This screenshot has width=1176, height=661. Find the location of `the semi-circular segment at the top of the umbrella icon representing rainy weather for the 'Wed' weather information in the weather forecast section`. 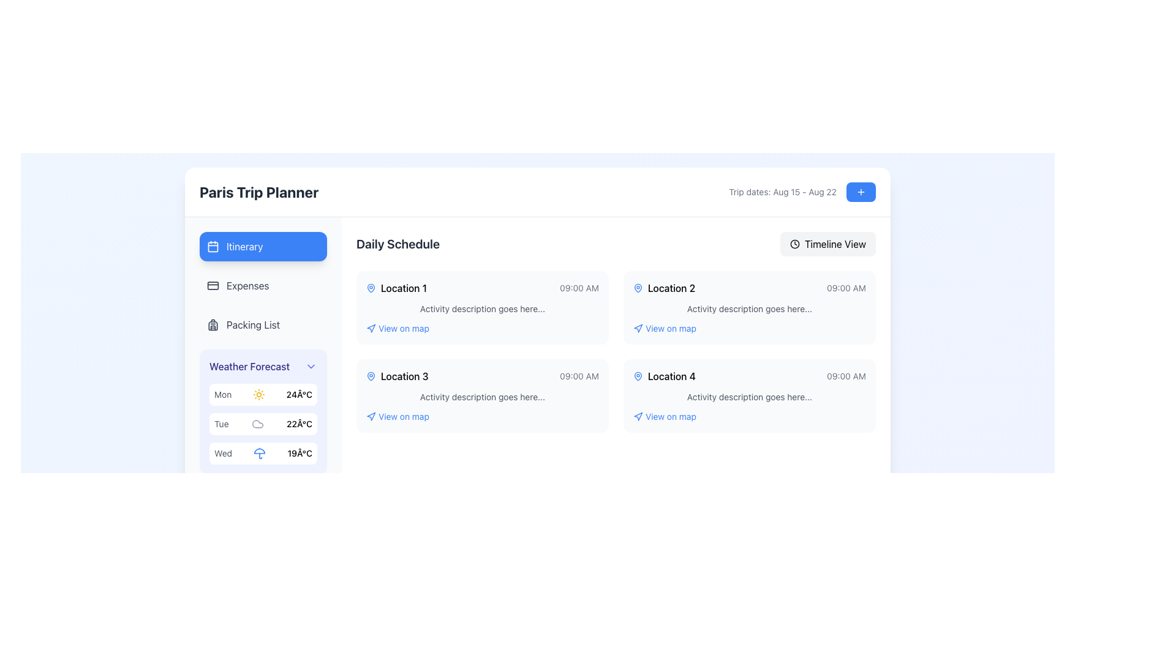

the semi-circular segment at the top of the umbrella icon representing rainy weather for the 'Wed' weather information in the weather forecast section is located at coordinates (259, 451).